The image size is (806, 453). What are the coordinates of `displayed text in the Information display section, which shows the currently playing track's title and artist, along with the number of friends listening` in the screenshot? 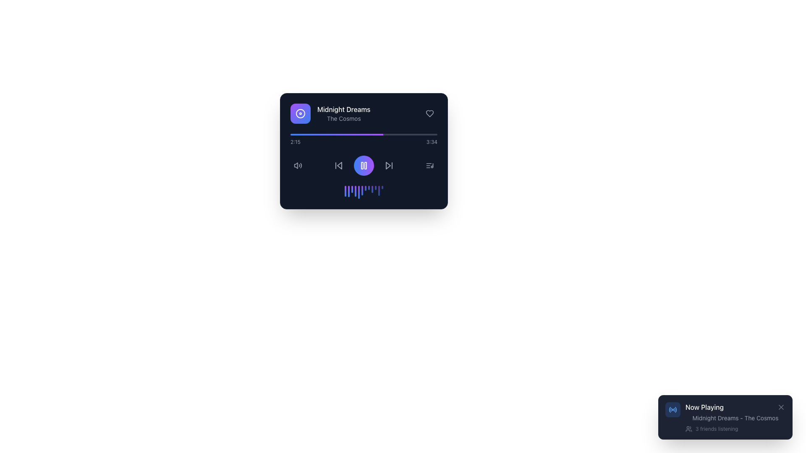 It's located at (735, 417).